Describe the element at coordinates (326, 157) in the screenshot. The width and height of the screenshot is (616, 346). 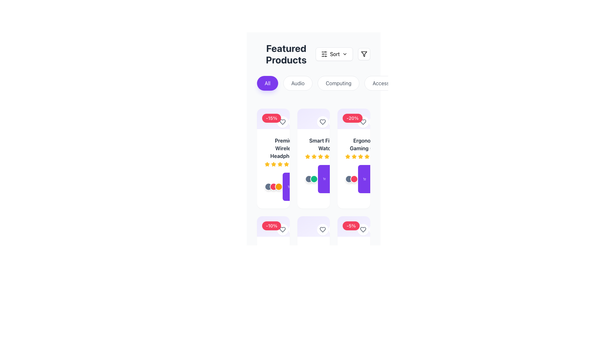
I see `the third star icon in the rating system for the product 'Smart Fitness Watch' to visually represent the rating` at that location.